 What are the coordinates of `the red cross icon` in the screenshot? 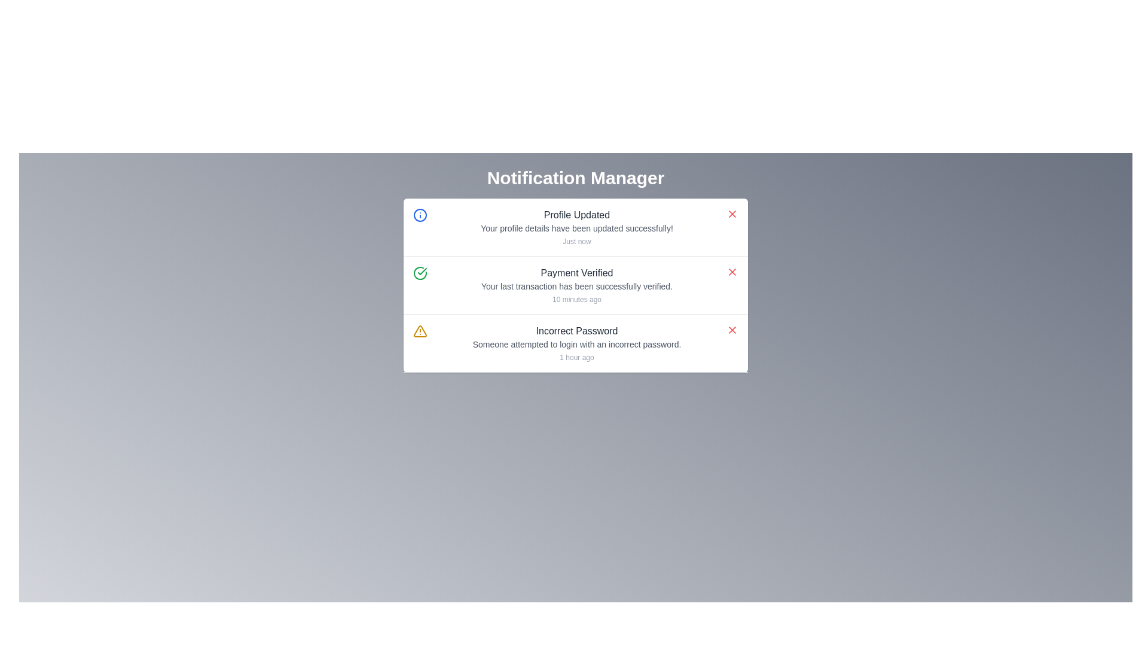 It's located at (731, 214).